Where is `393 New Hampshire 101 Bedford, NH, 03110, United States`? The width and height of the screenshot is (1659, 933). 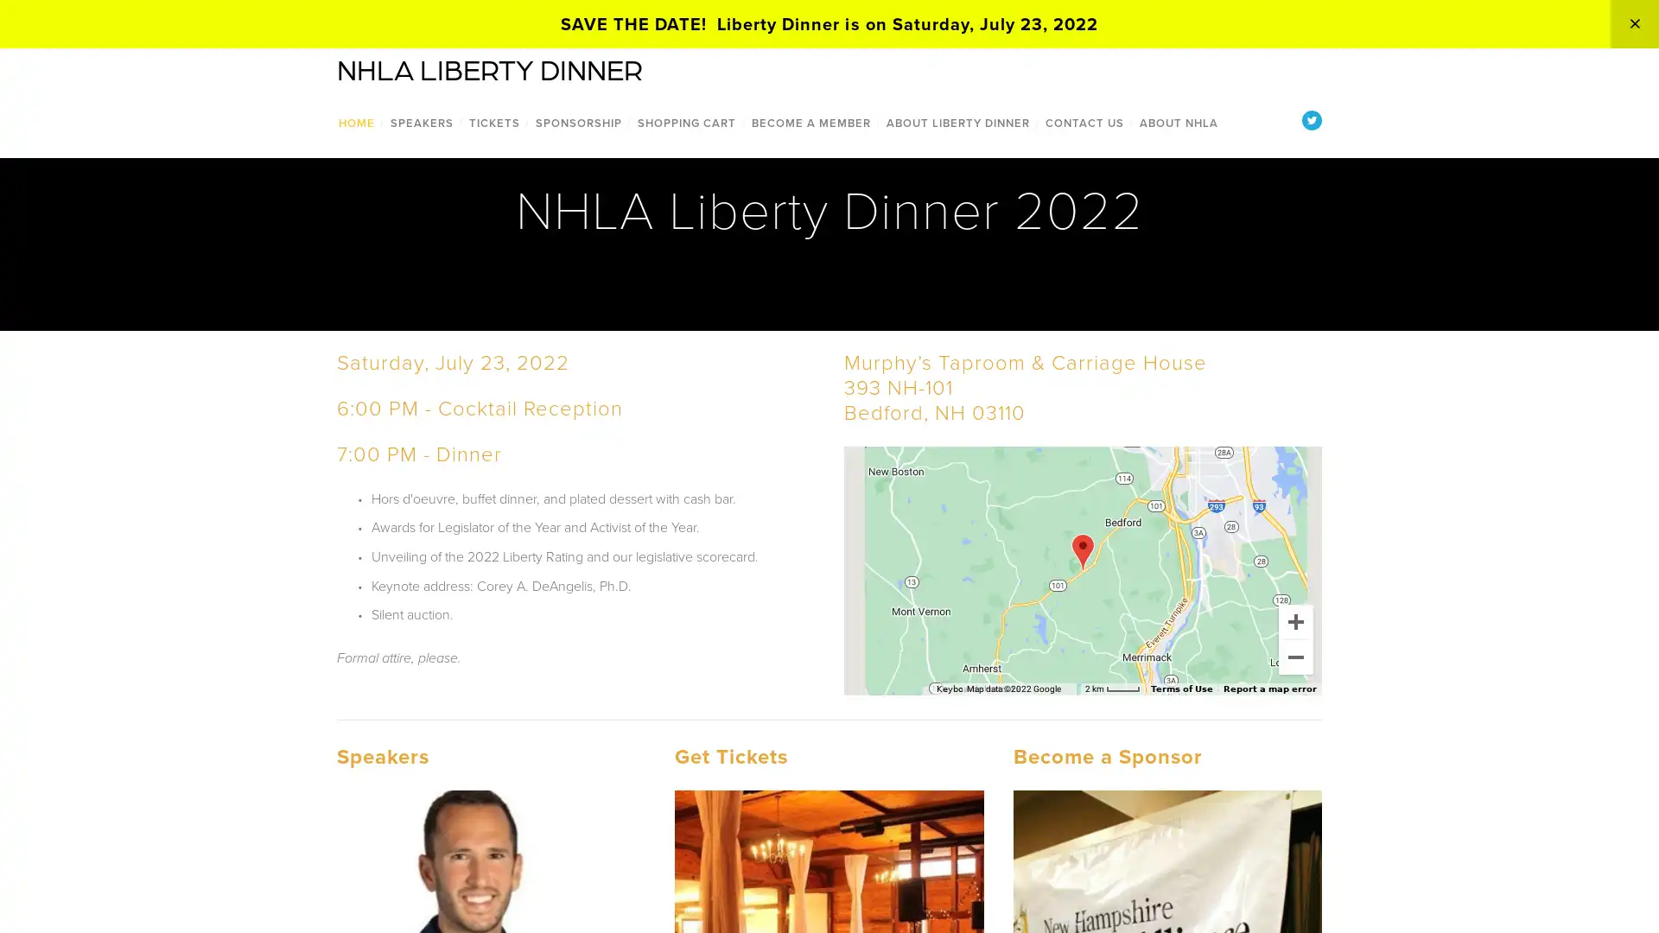 393 New Hampshire 101 Bedford, NH, 03110, United States is located at coordinates (1081, 551).